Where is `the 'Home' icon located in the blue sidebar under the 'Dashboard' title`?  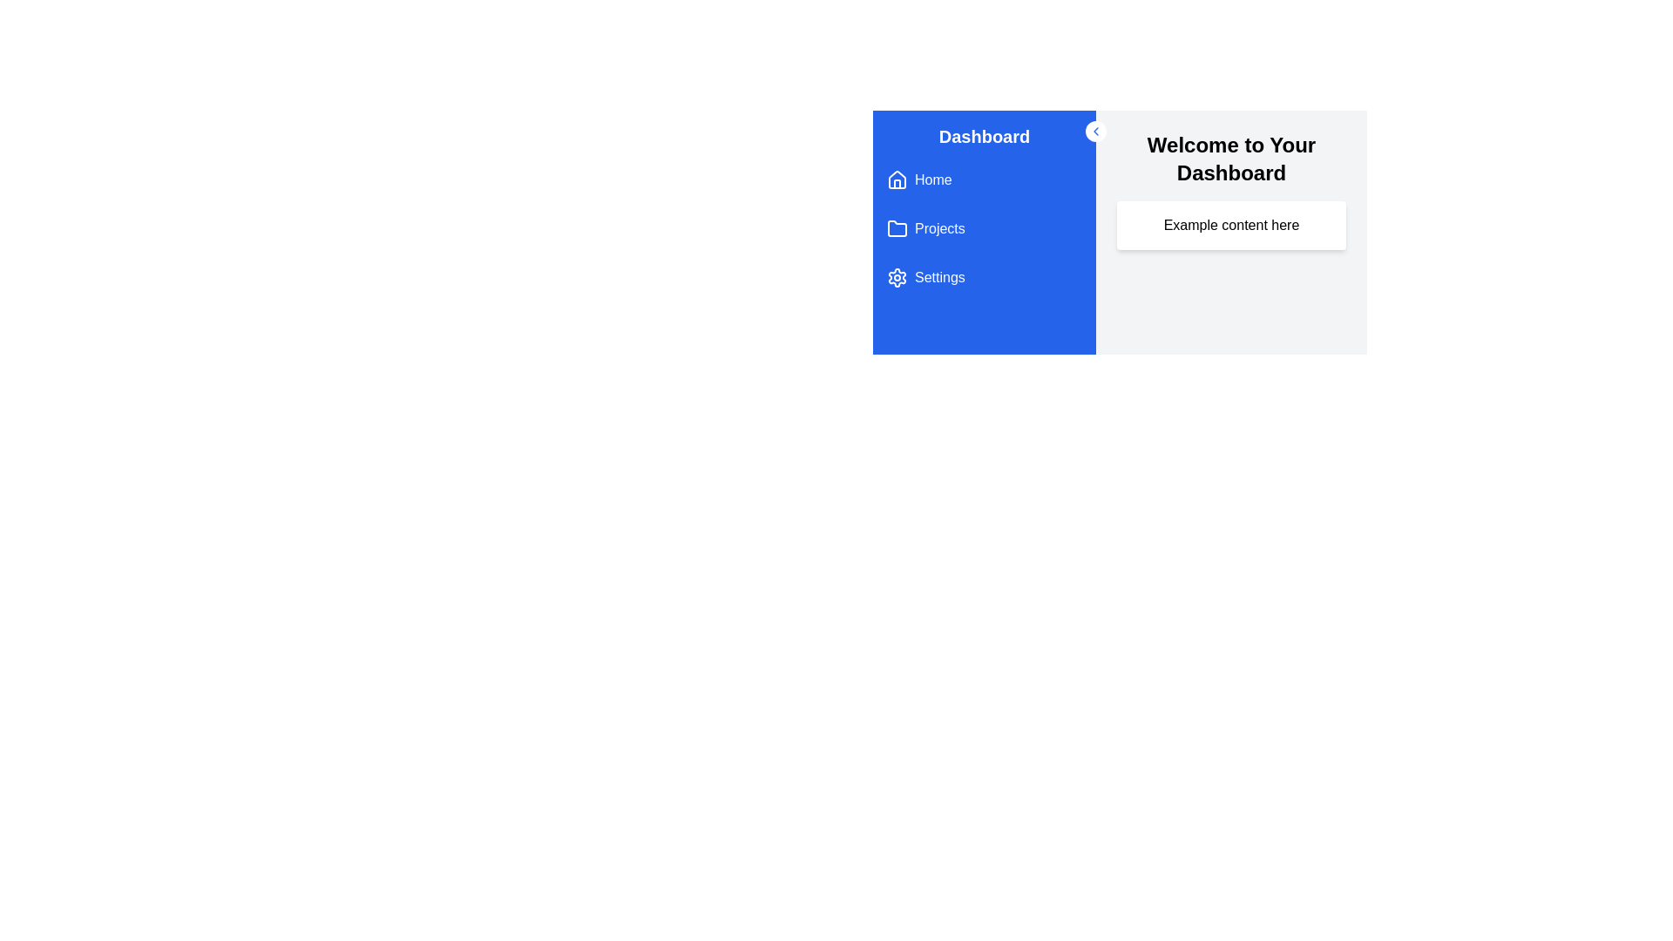
the 'Home' icon located in the blue sidebar under the 'Dashboard' title is located at coordinates (897, 180).